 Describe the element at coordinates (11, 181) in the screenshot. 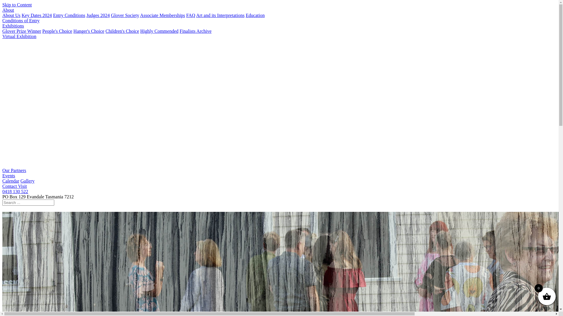

I see `'Calendar'` at that location.